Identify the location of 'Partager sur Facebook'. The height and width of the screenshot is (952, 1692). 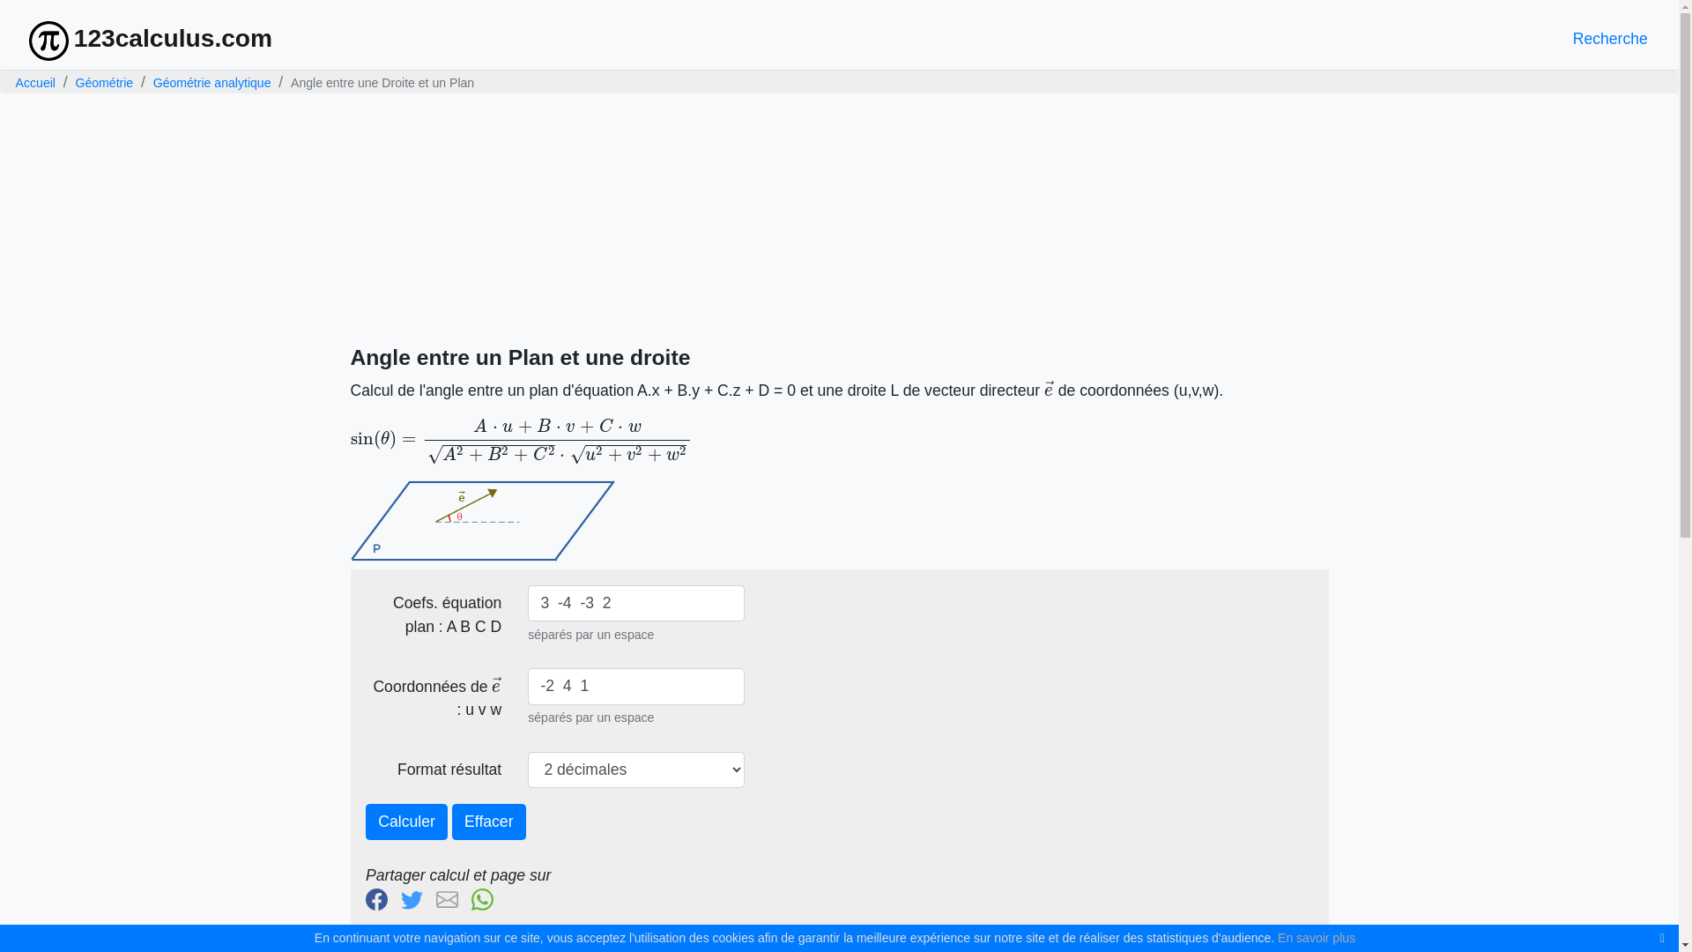
(364, 897).